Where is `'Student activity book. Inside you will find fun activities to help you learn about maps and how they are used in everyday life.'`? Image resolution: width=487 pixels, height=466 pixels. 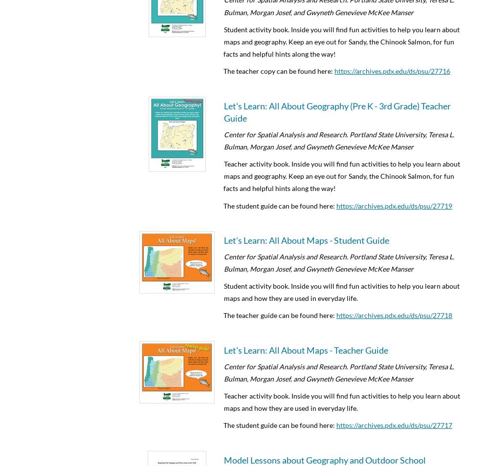
'Student activity book. Inside you will find fun activities to help you learn about maps and how they are used in everyday life.' is located at coordinates (341, 291).